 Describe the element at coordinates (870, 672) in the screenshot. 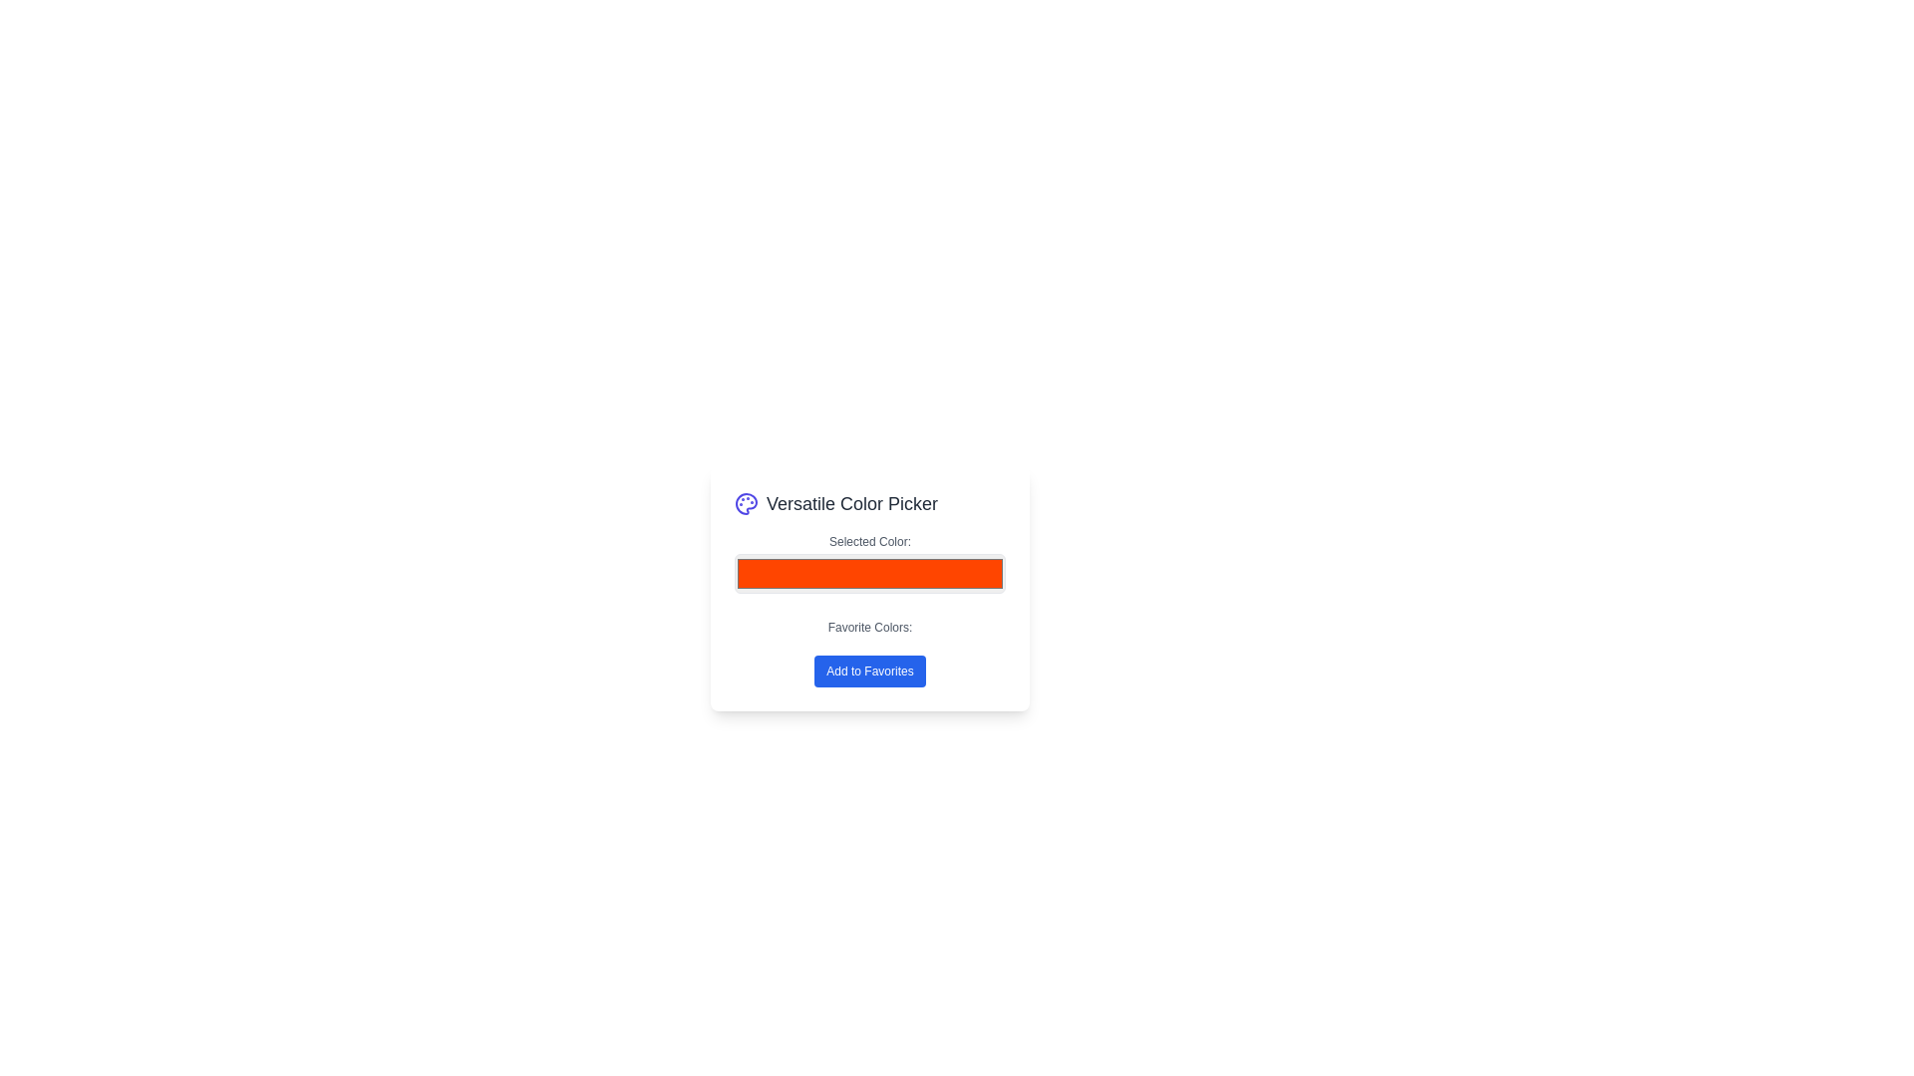

I see `the 'Add to Favorites' button, which is a rounded button with a solid blue background that changes to darker blue on hover, located below 'Favorite Colors:'` at that location.